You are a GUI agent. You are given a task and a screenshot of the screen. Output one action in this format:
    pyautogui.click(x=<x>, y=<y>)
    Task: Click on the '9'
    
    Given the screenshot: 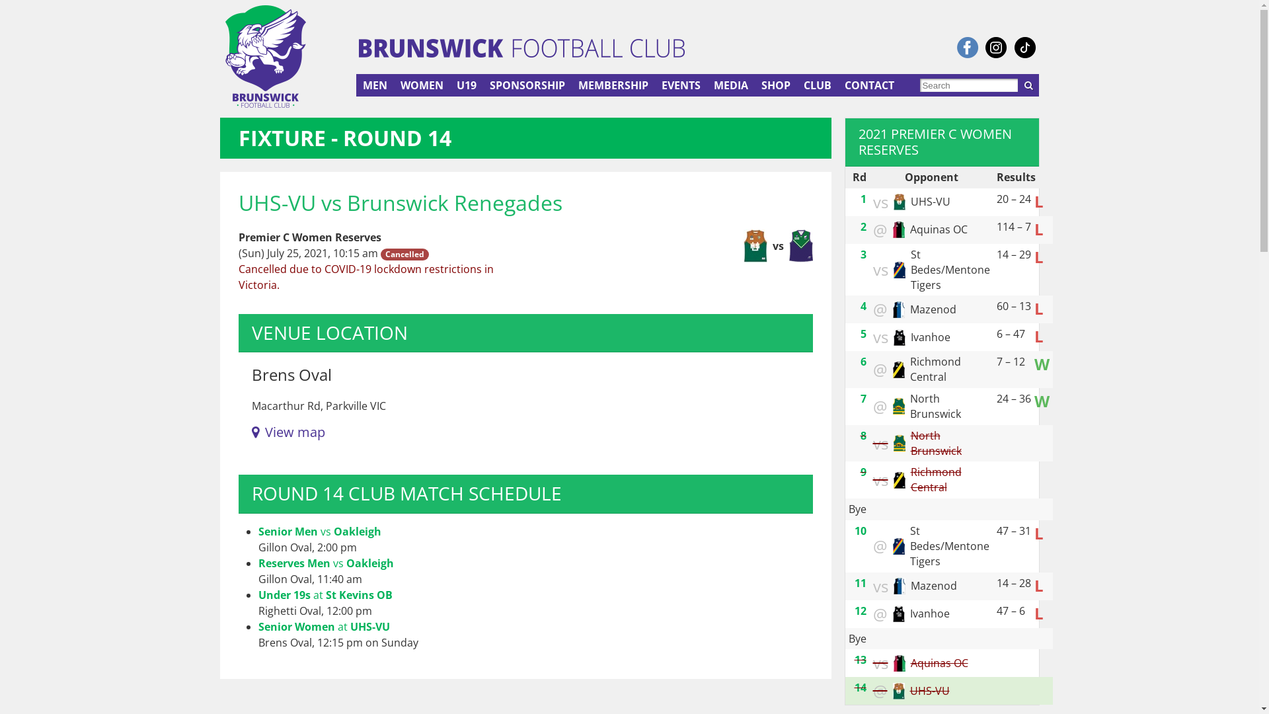 What is the action you would take?
    pyautogui.click(x=860, y=471)
    